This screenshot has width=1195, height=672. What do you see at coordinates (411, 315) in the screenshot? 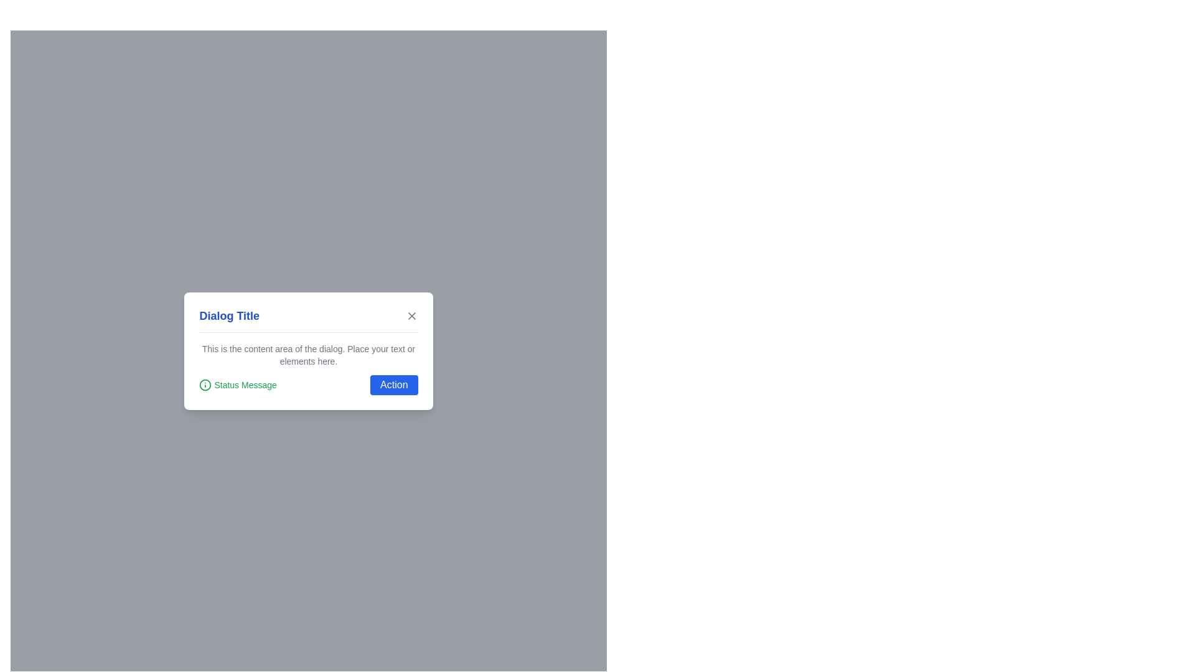
I see `the decorative 'Close' icon located in the top-right corner of the dialog box` at bounding box center [411, 315].